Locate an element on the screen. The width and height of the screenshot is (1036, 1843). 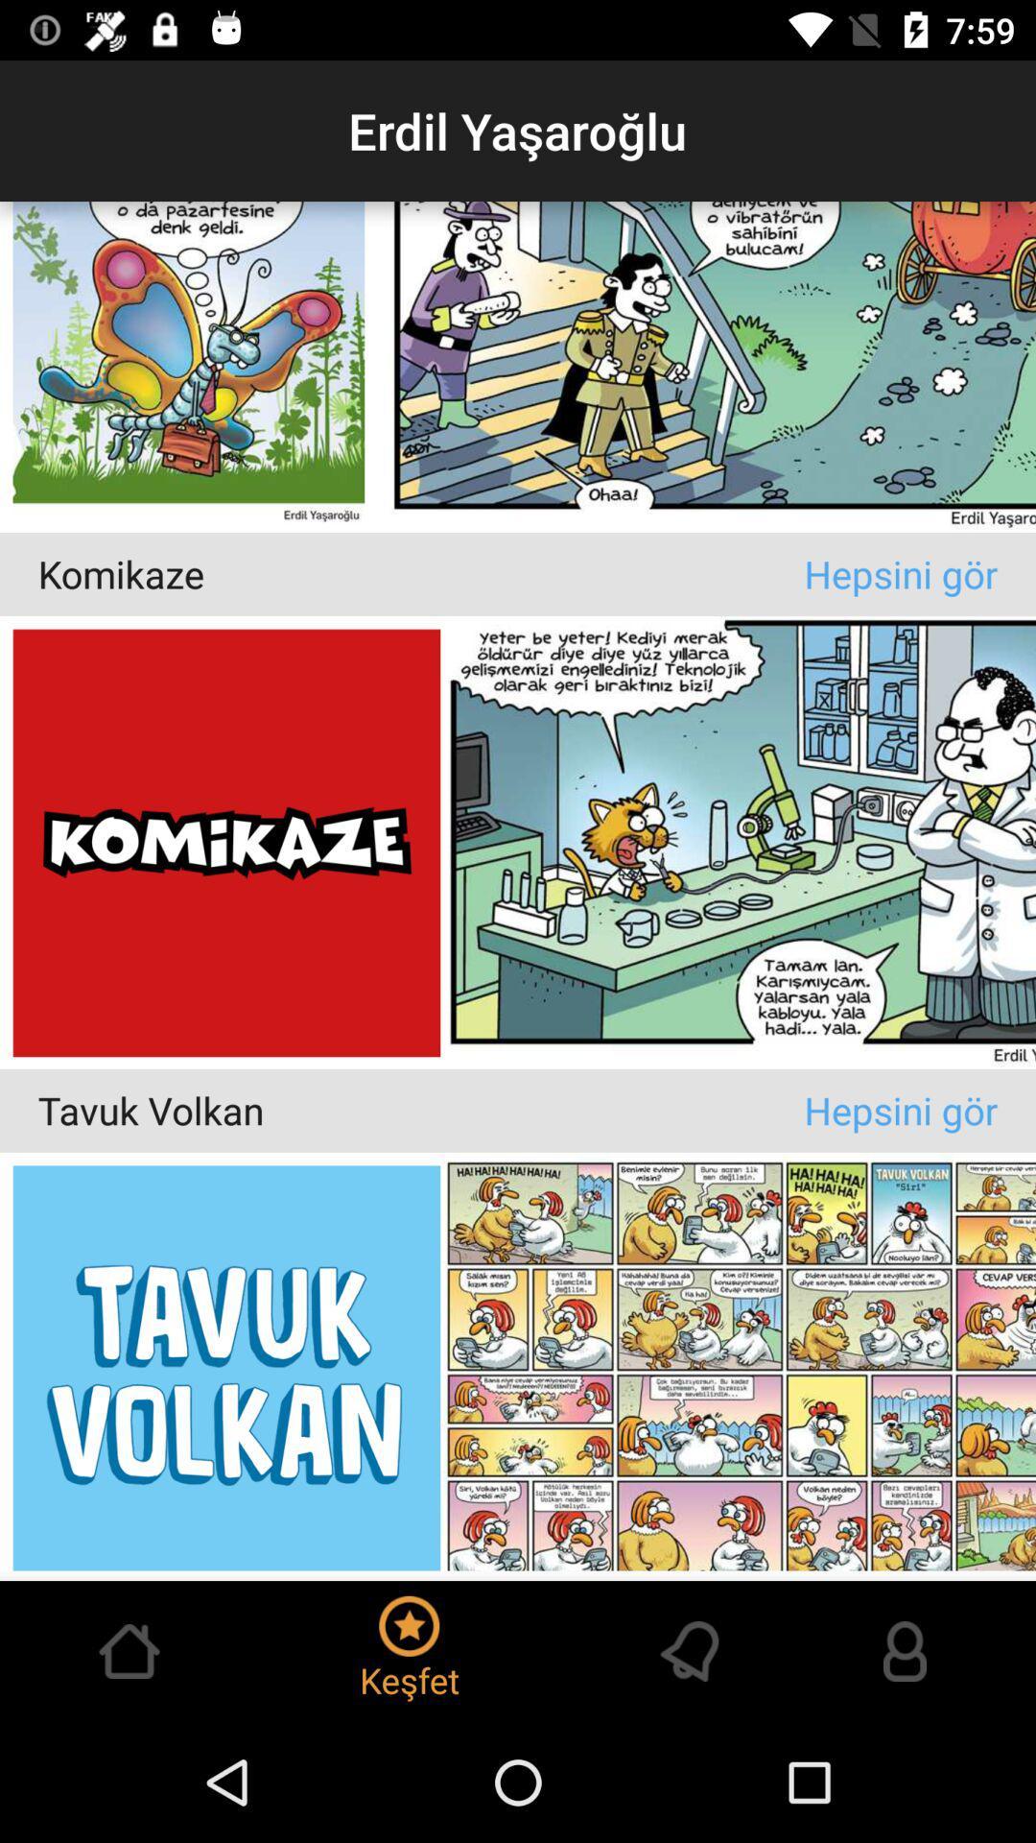
tavuk volkan at the center is located at coordinates (420, 1110).